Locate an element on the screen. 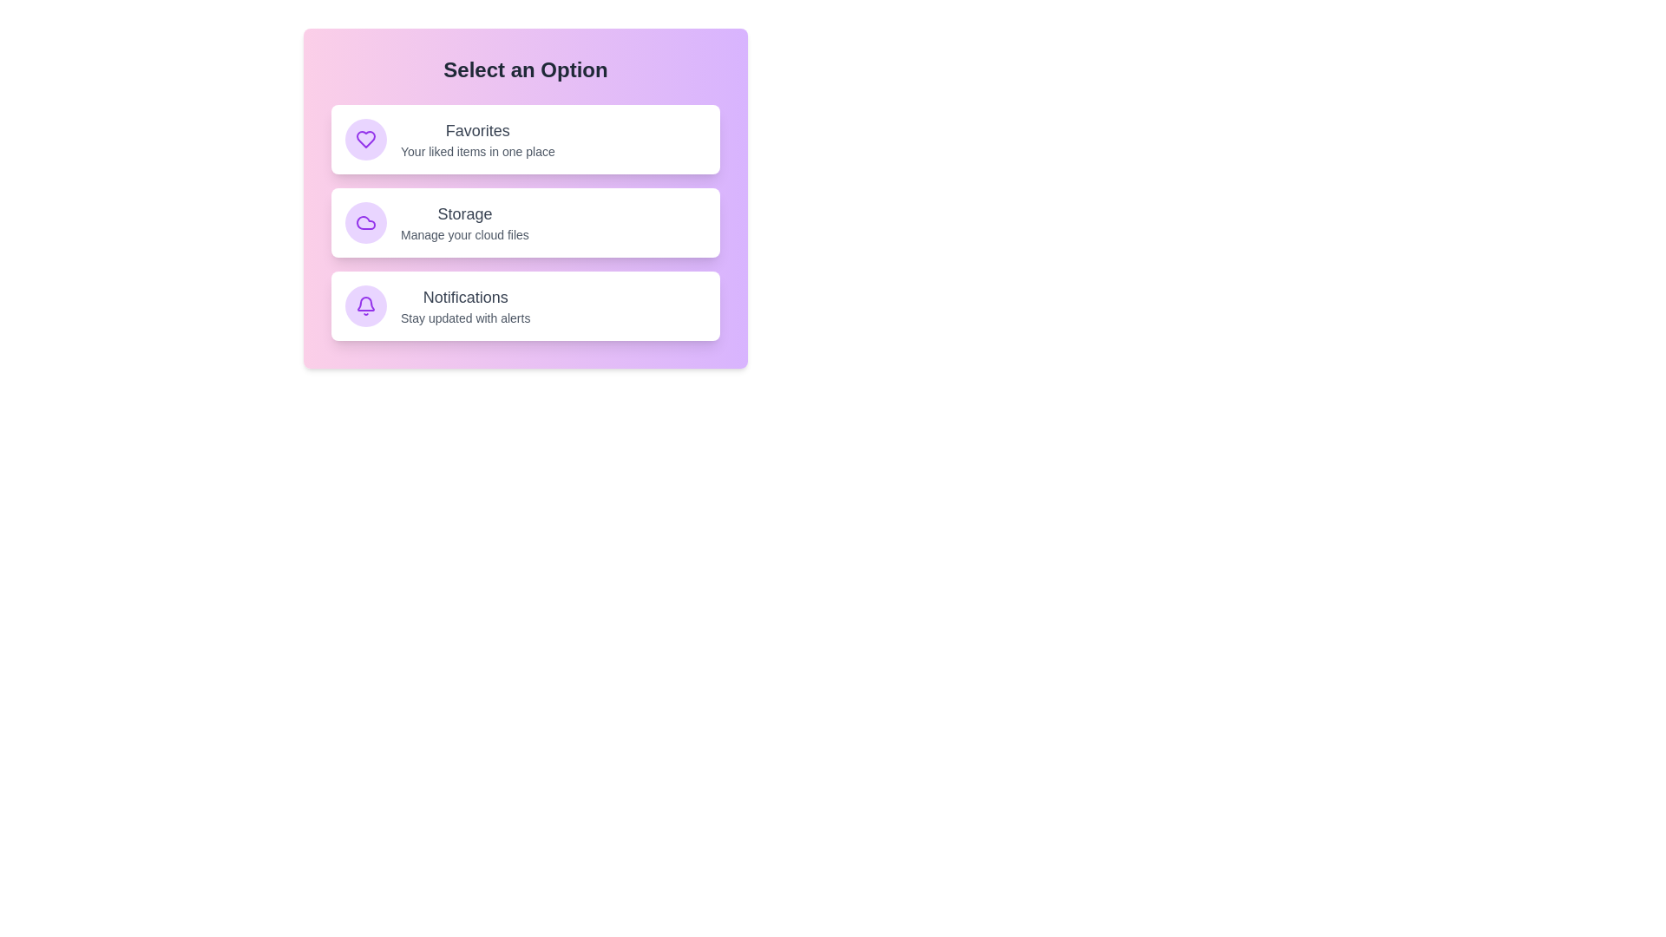 The image size is (1666, 937). the item labeled 'Storage' from the list is located at coordinates (524, 222).